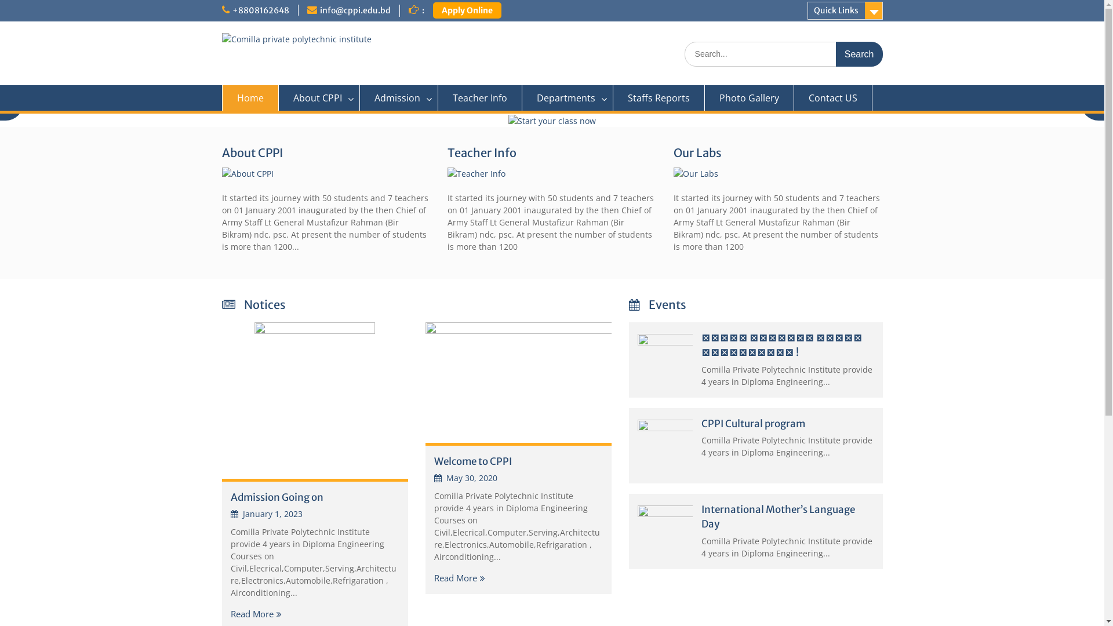 The width and height of the screenshot is (1113, 626). What do you see at coordinates (673, 152) in the screenshot?
I see `'Our Labs'` at bounding box center [673, 152].